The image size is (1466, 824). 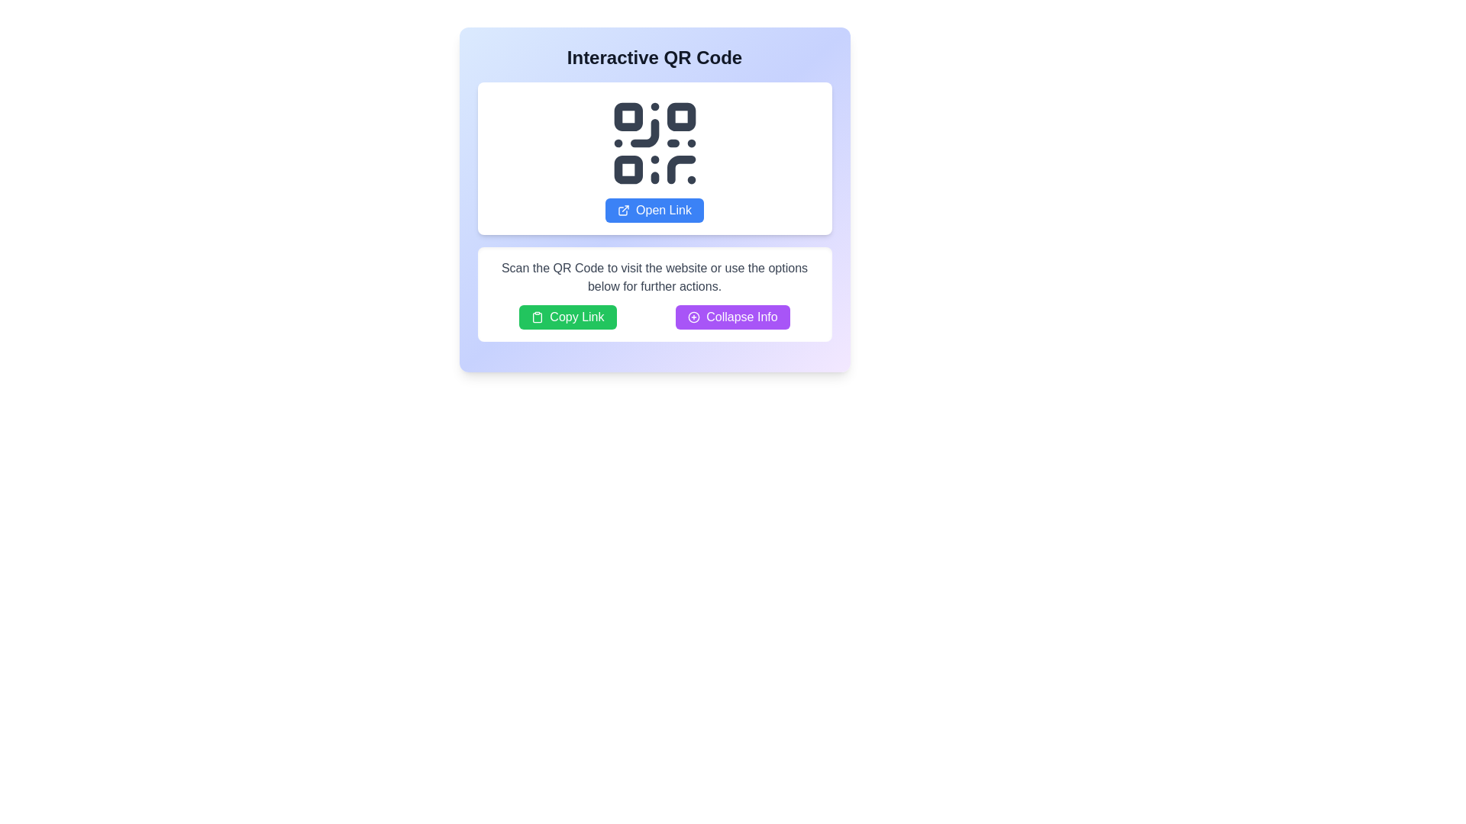 What do you see at coordinates (654, 211) in the screenshot?
I see `the button located below the QR code image` at bounding box center [654, 211].